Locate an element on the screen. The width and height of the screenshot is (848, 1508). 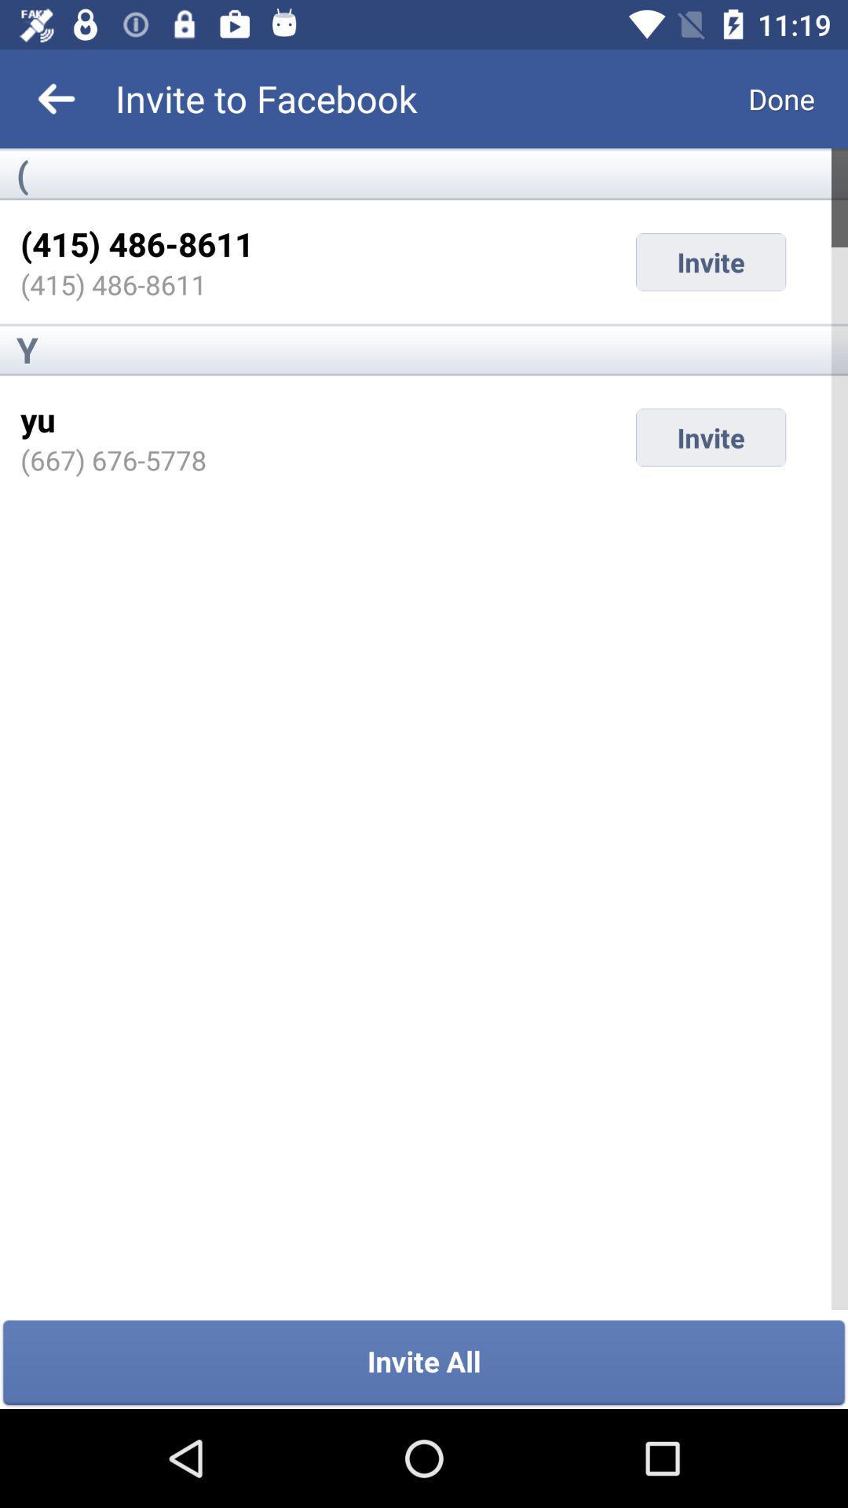
the done item is located at coordinates (781, 97).